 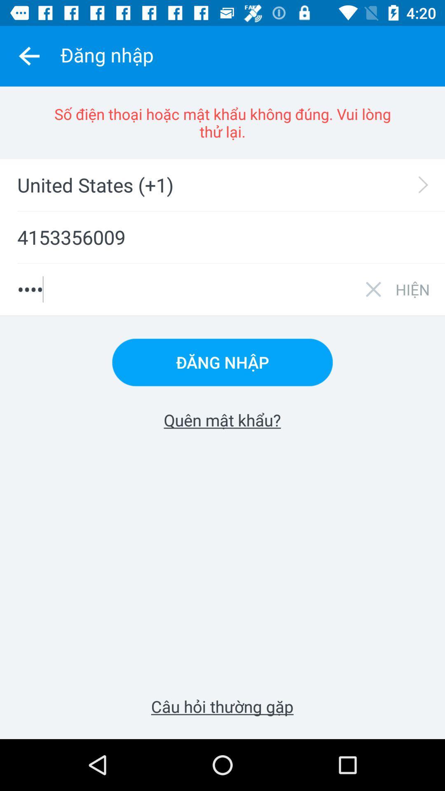 I want to click on 4153356009 icon, so click(x=222, y=237).